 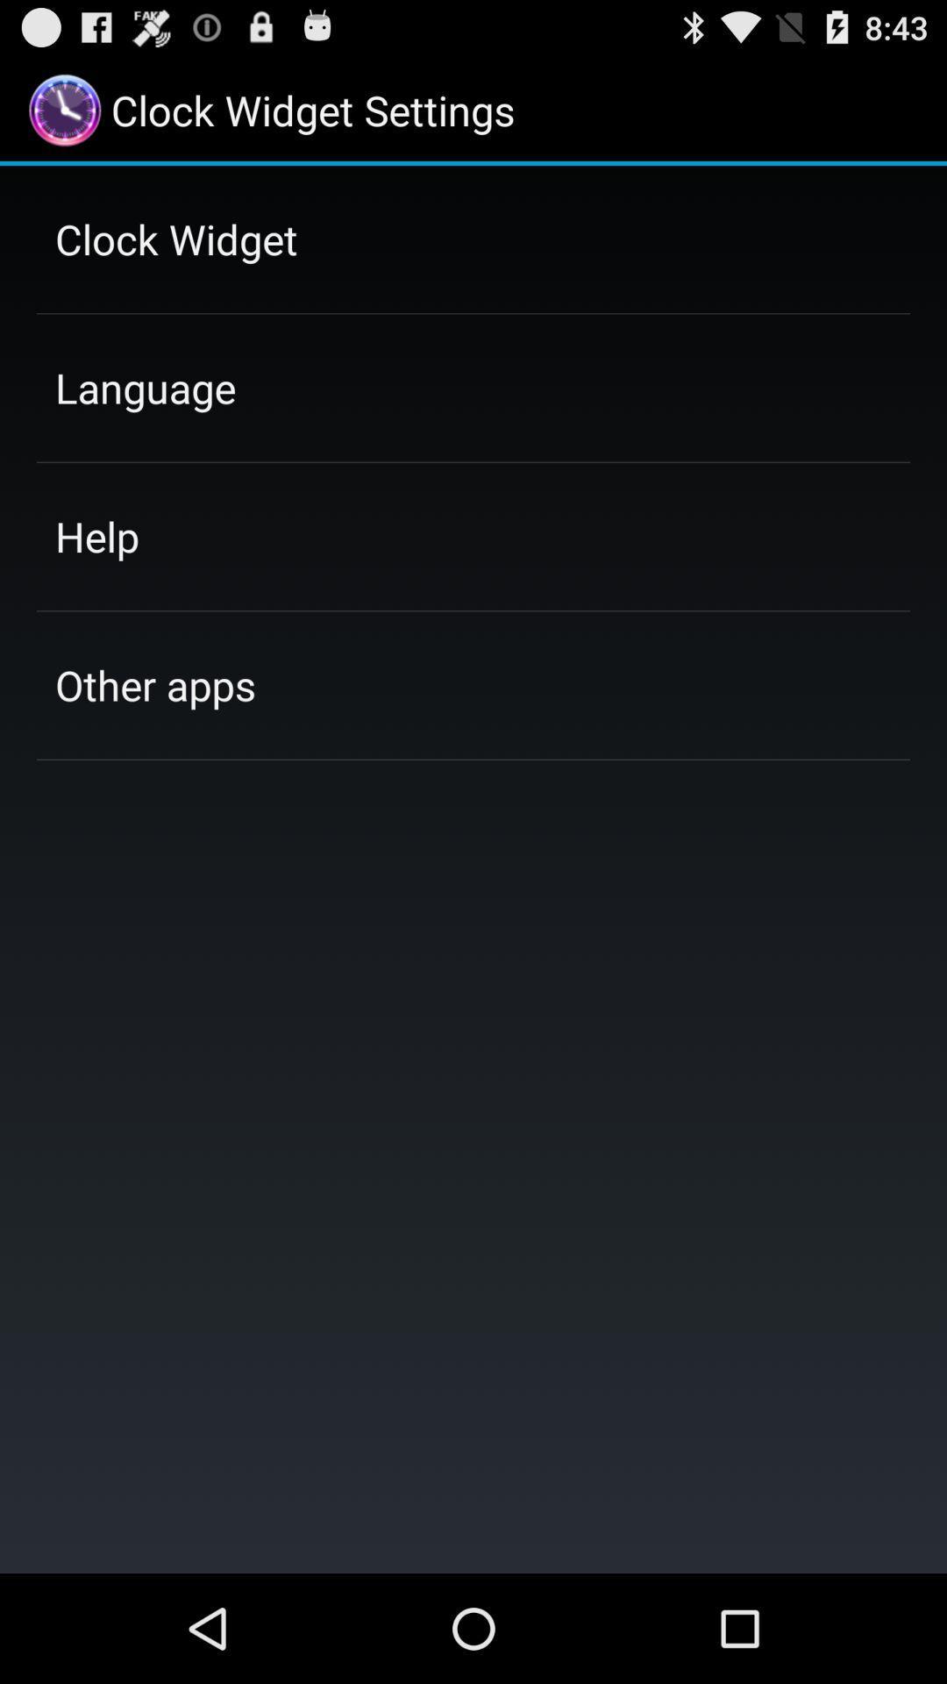 What do you see at coordinates (154, 684) in the screenshot?
I see `the other apps` at bounding box center [154, 684].